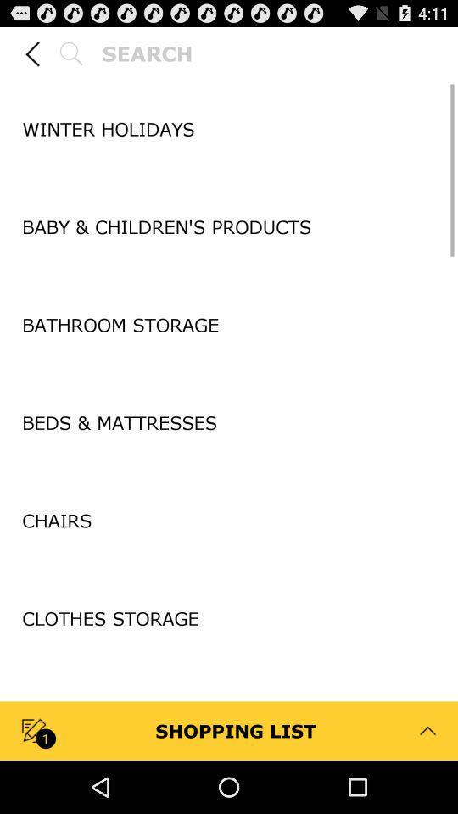 The width and height of the screenshot is (458, 814). Describe the element at coordinates (229, 324) in the screenshot. I see `the bathroom storage app` at that location.